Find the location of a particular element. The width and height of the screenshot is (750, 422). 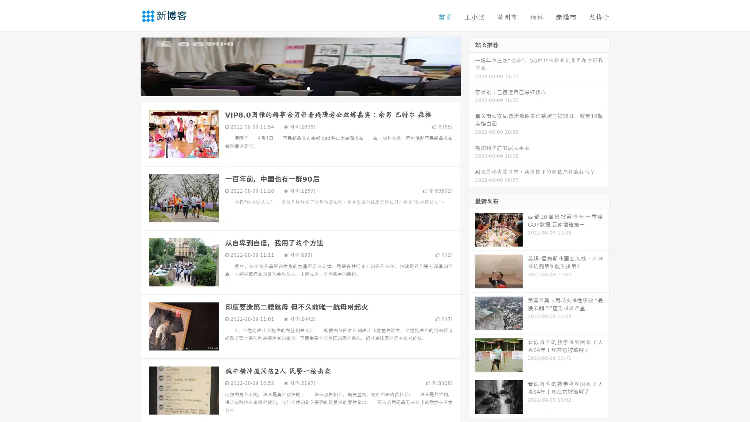

Go to slide 3 is located at coordinates (308, 88).